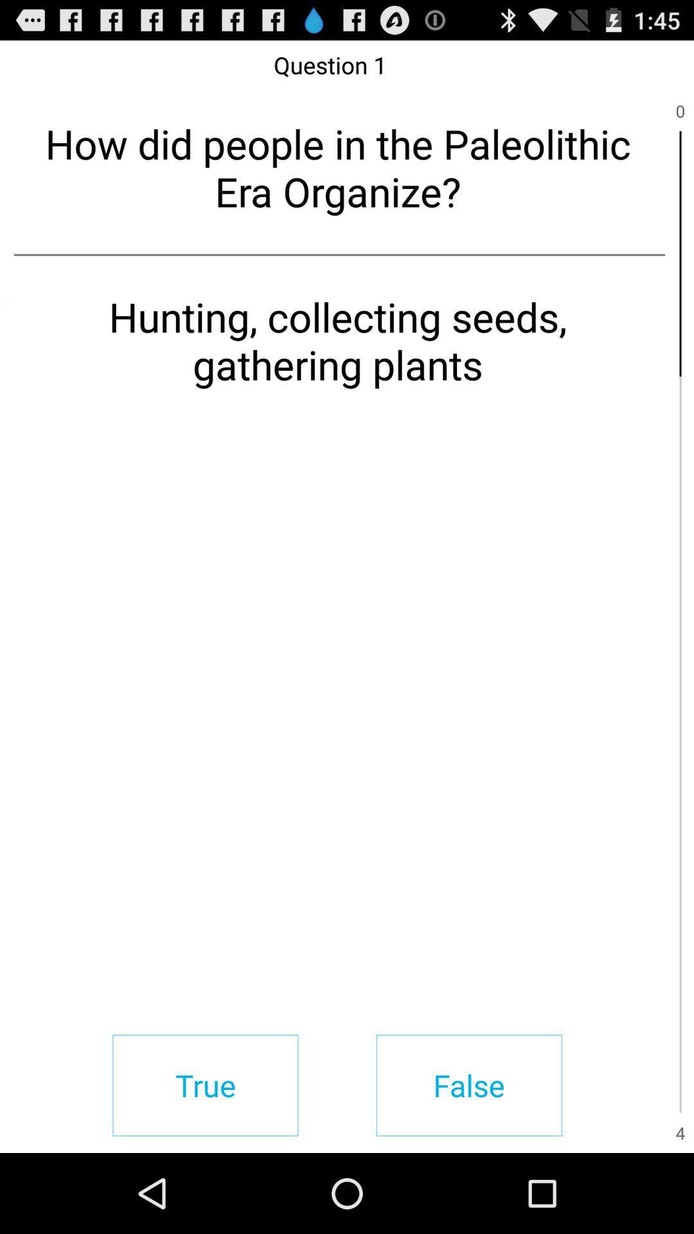 The image size is (694, 1234). I want to click on item below the hunting collecting seeds item, so click(469, 1085).